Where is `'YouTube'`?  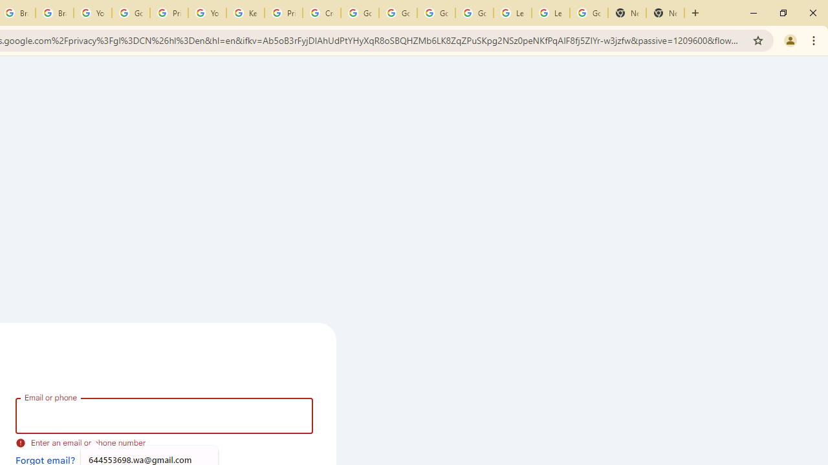 'YouTube' is located at coordinates (207, 13).